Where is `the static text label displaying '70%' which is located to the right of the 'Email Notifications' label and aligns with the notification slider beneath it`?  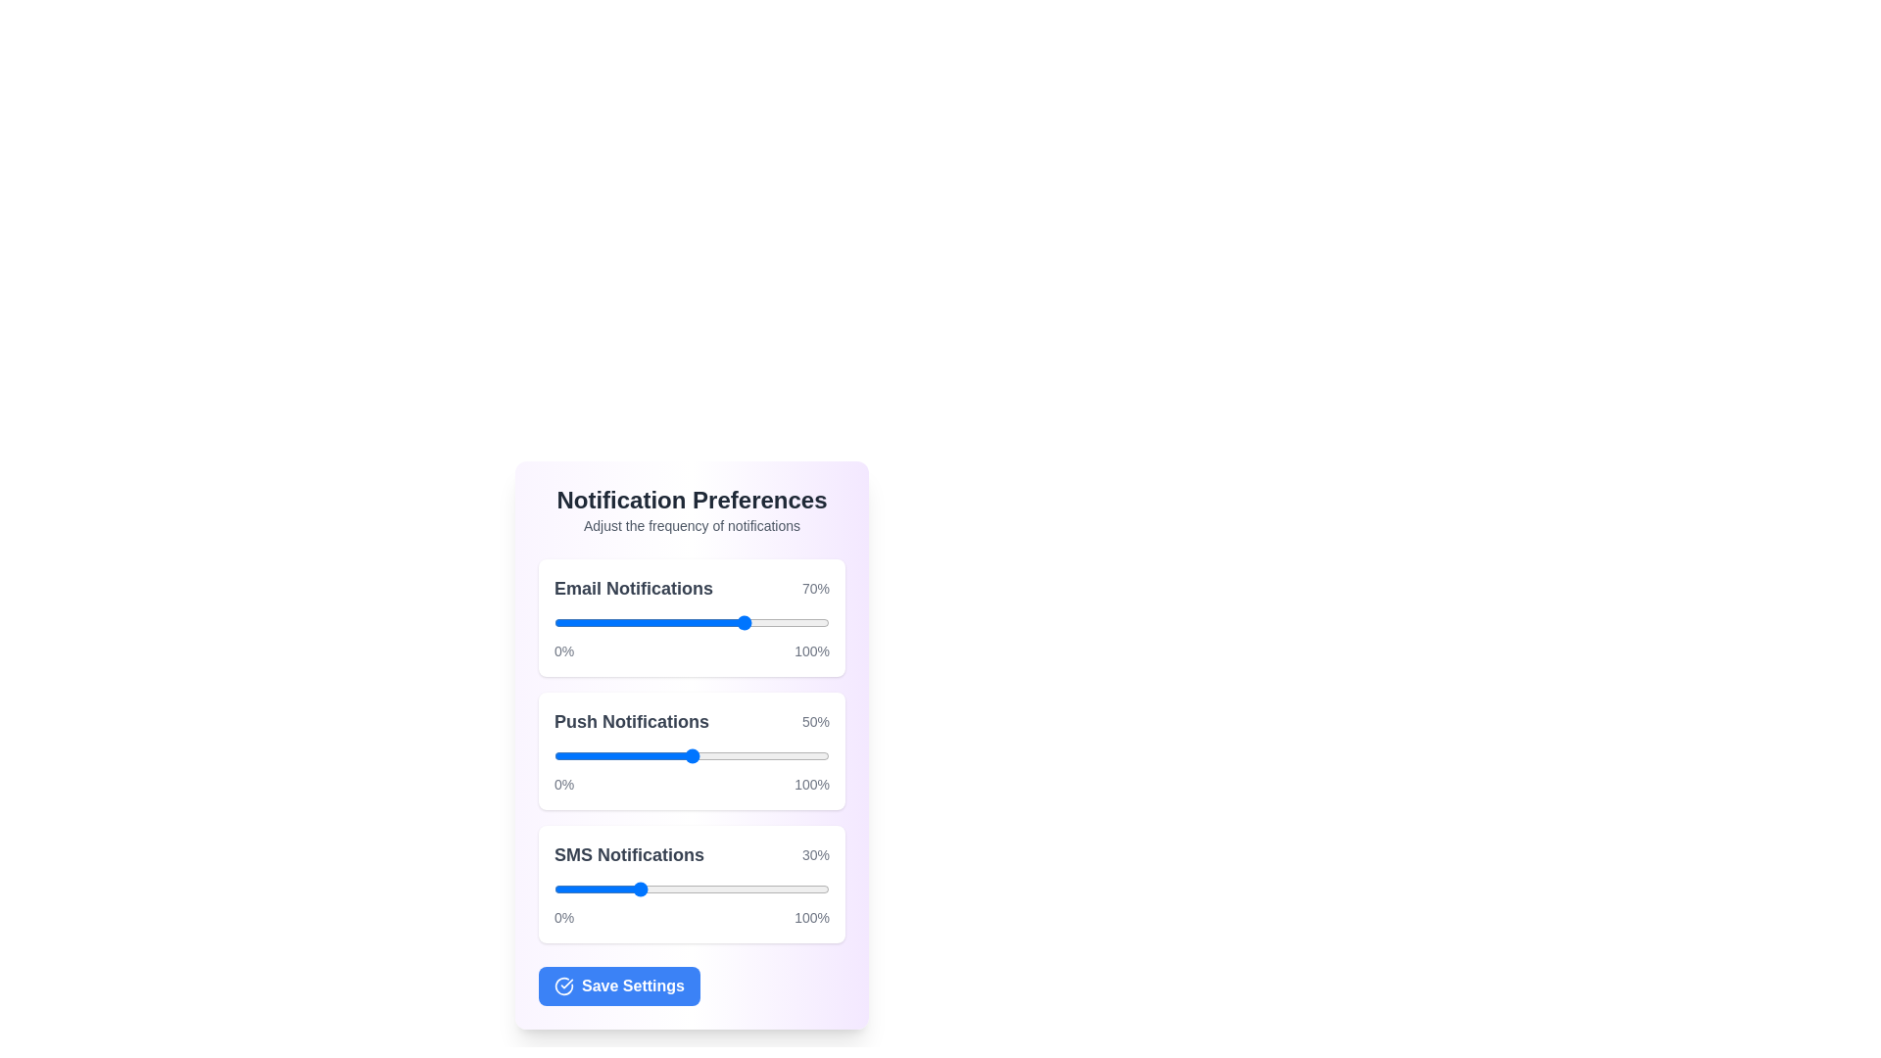 the static text label displaying '70%' which is located to the right of the 'Email Notifications' label and aligns with the notification slider beneath it is located at coordinates (815, 588).